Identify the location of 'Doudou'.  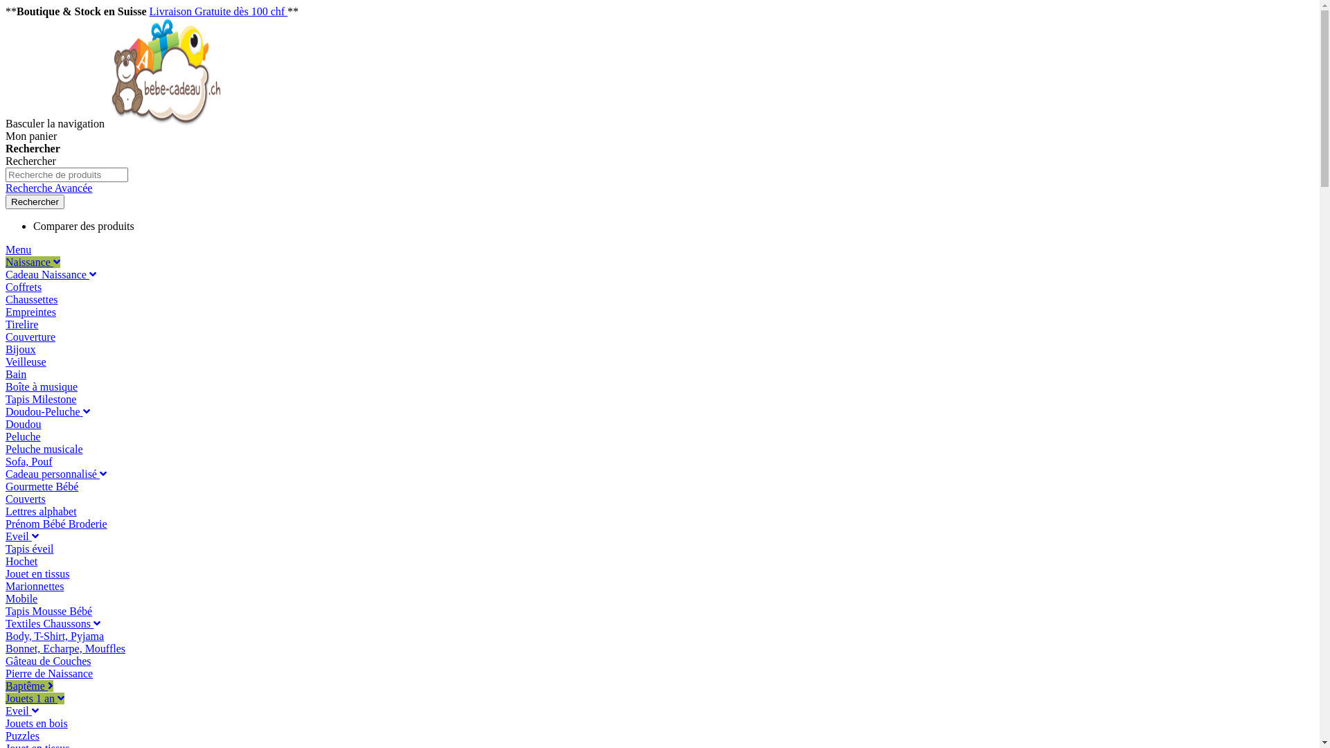
(23, 423).